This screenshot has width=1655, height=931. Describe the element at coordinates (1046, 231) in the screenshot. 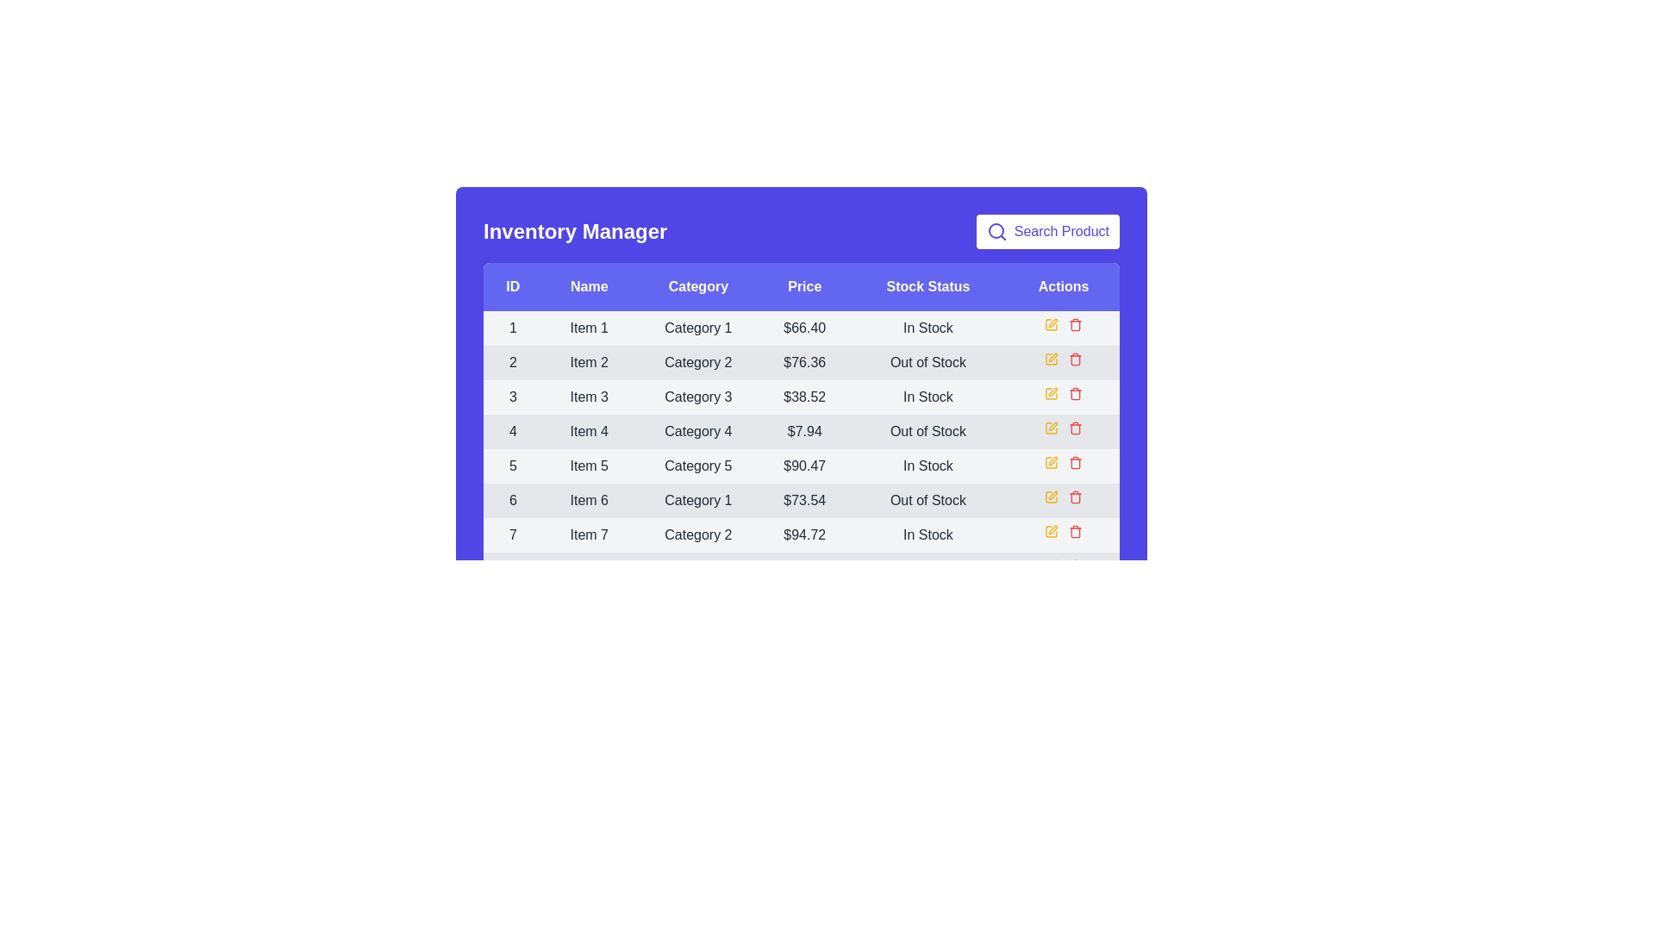

I see `'Search Product' button to initiate a search` at that location.